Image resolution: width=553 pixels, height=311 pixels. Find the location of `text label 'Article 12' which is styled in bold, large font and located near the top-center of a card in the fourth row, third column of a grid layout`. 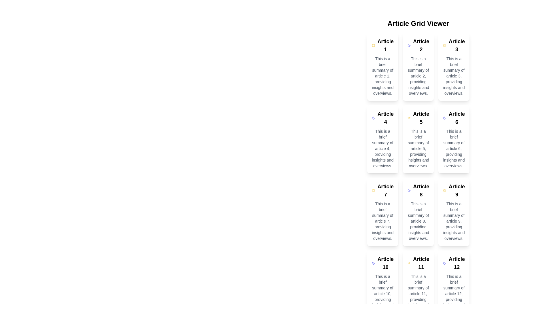

text label 'Article 12' which is styled in bold, large font and located near the top-center of a card in the fourth row, third column of a grid layout is located at coordinates (454, 263).